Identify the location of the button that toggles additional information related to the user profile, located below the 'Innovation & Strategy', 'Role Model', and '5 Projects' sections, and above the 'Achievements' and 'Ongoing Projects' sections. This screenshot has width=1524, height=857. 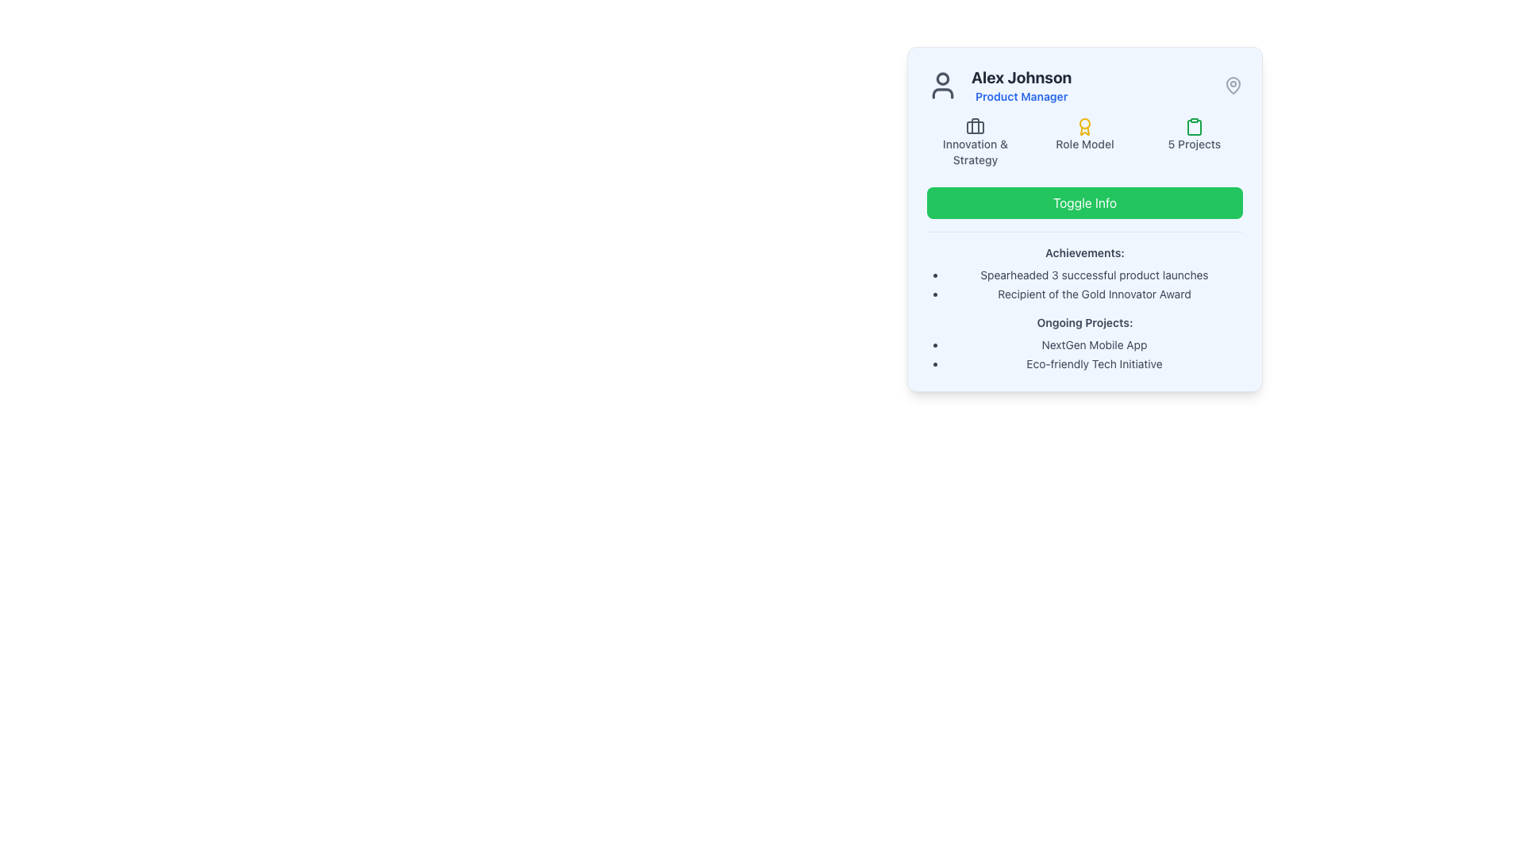
(1084, 202).